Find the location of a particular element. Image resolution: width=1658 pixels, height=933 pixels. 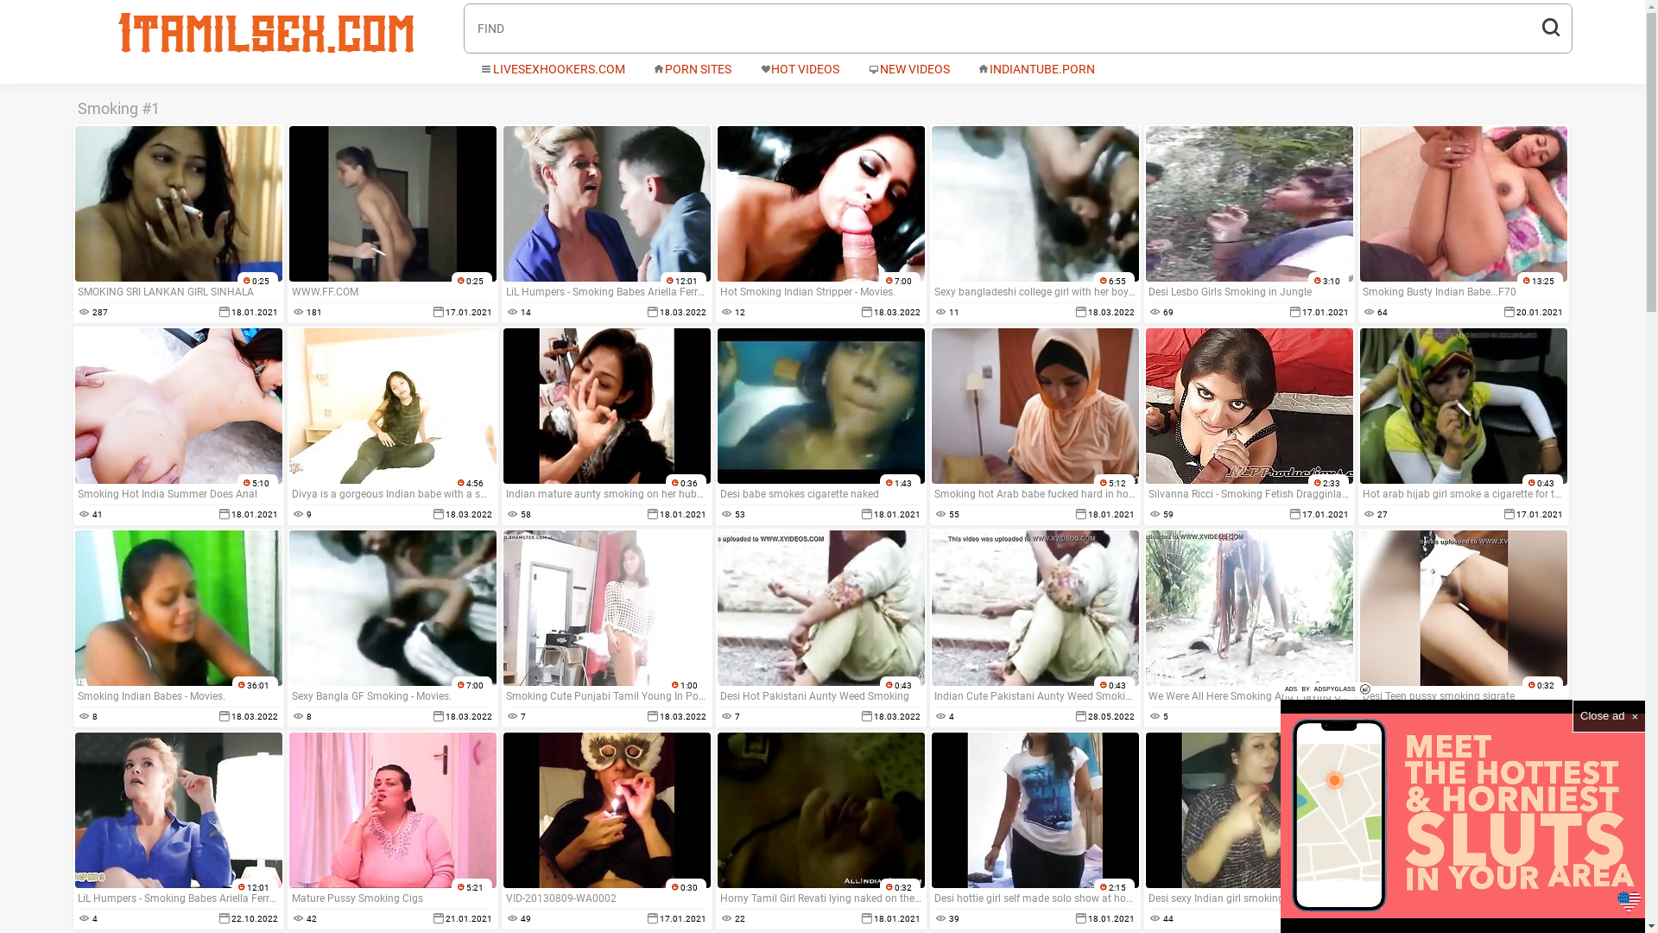

'PORN SITES' is located at coordinates (693, 69).